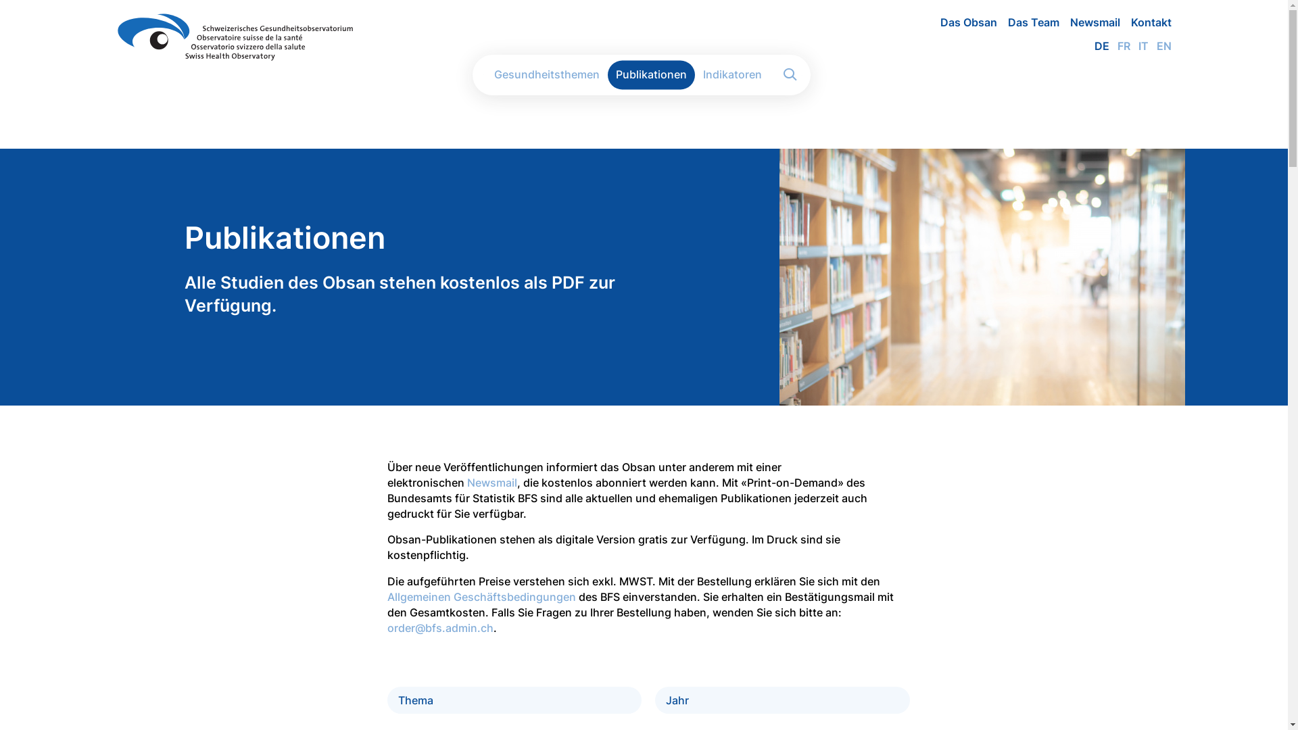  I want to click on 'FR', so click(1109, 45).